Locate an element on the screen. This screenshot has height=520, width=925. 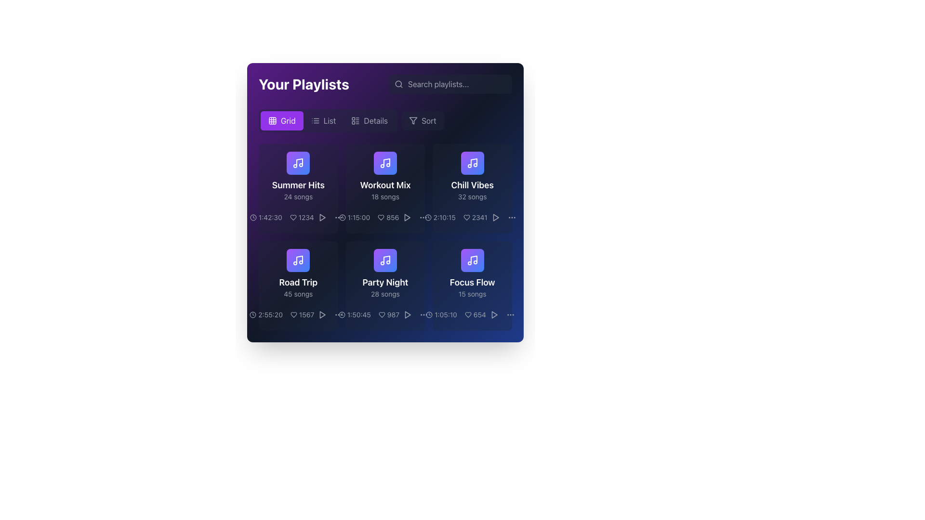
the circular button with a three-dots icon located in the 'Party Night' playlist section, at the bottom-right corner is located at coordinates (339, 315).